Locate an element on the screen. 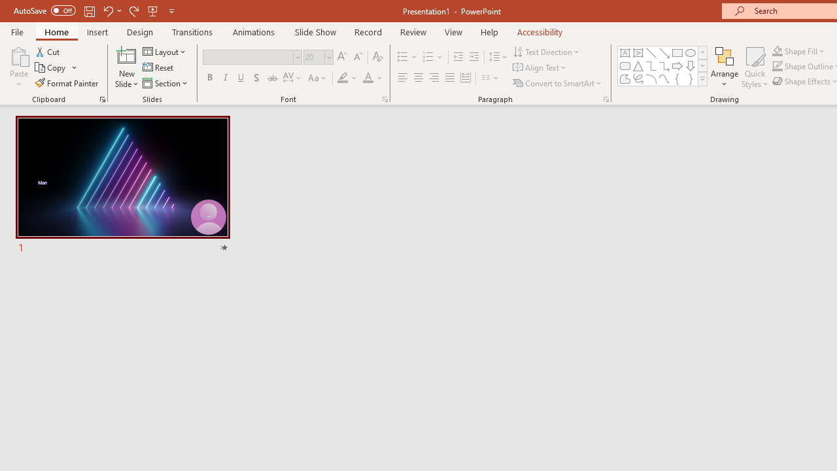 This screenshot has height=471, width=837. 'Curve' is located at coordinates (664, 78).